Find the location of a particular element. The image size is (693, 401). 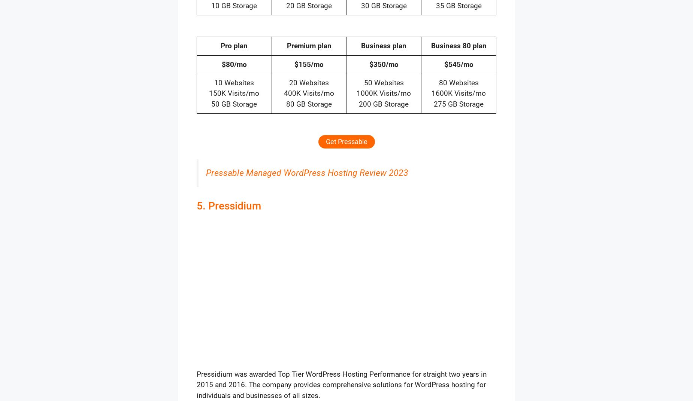

'$155/mo' is located at coordinates (294, 64).